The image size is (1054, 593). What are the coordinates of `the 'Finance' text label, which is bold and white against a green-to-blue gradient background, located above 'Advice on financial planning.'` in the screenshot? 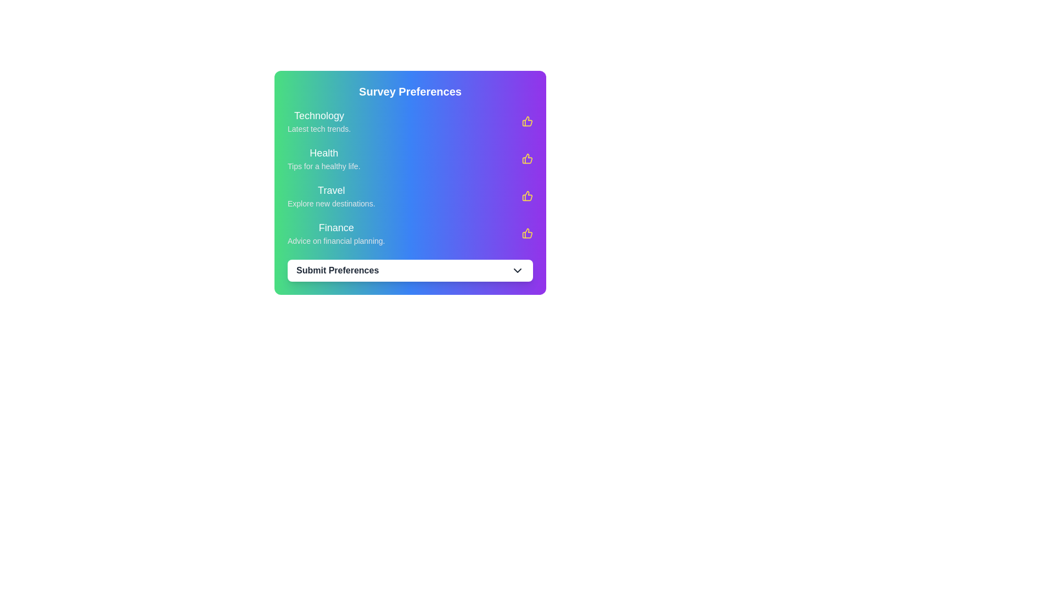 It's located at (335, 227).